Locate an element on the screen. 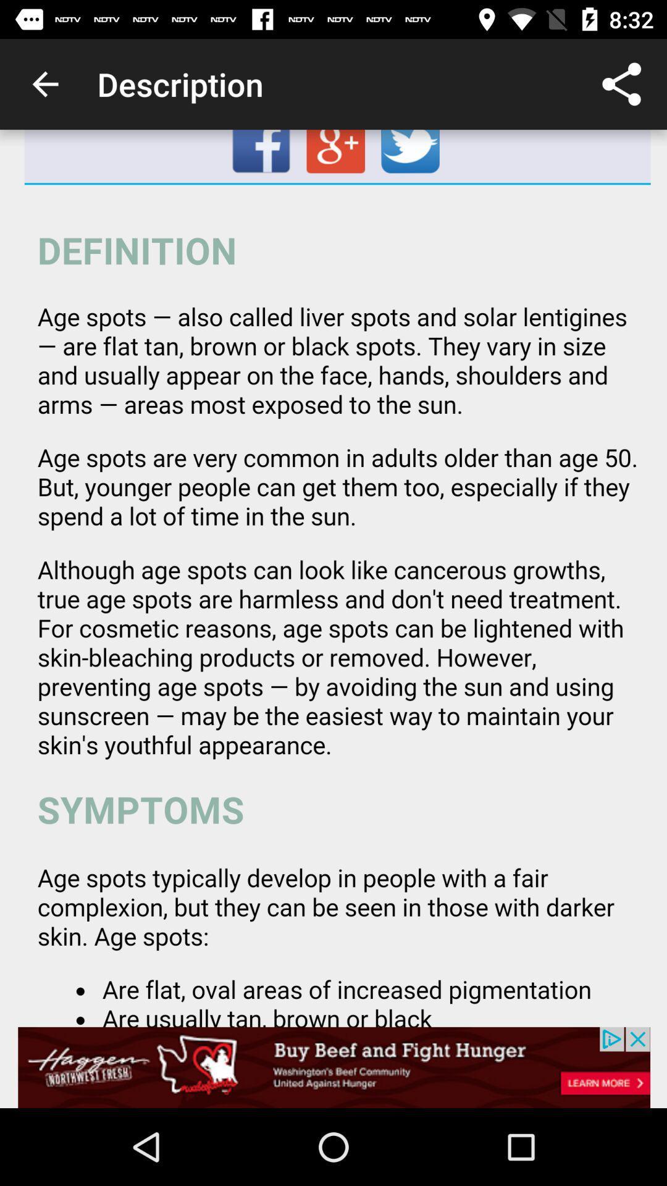  twitter is located at coordinates (412, 156).